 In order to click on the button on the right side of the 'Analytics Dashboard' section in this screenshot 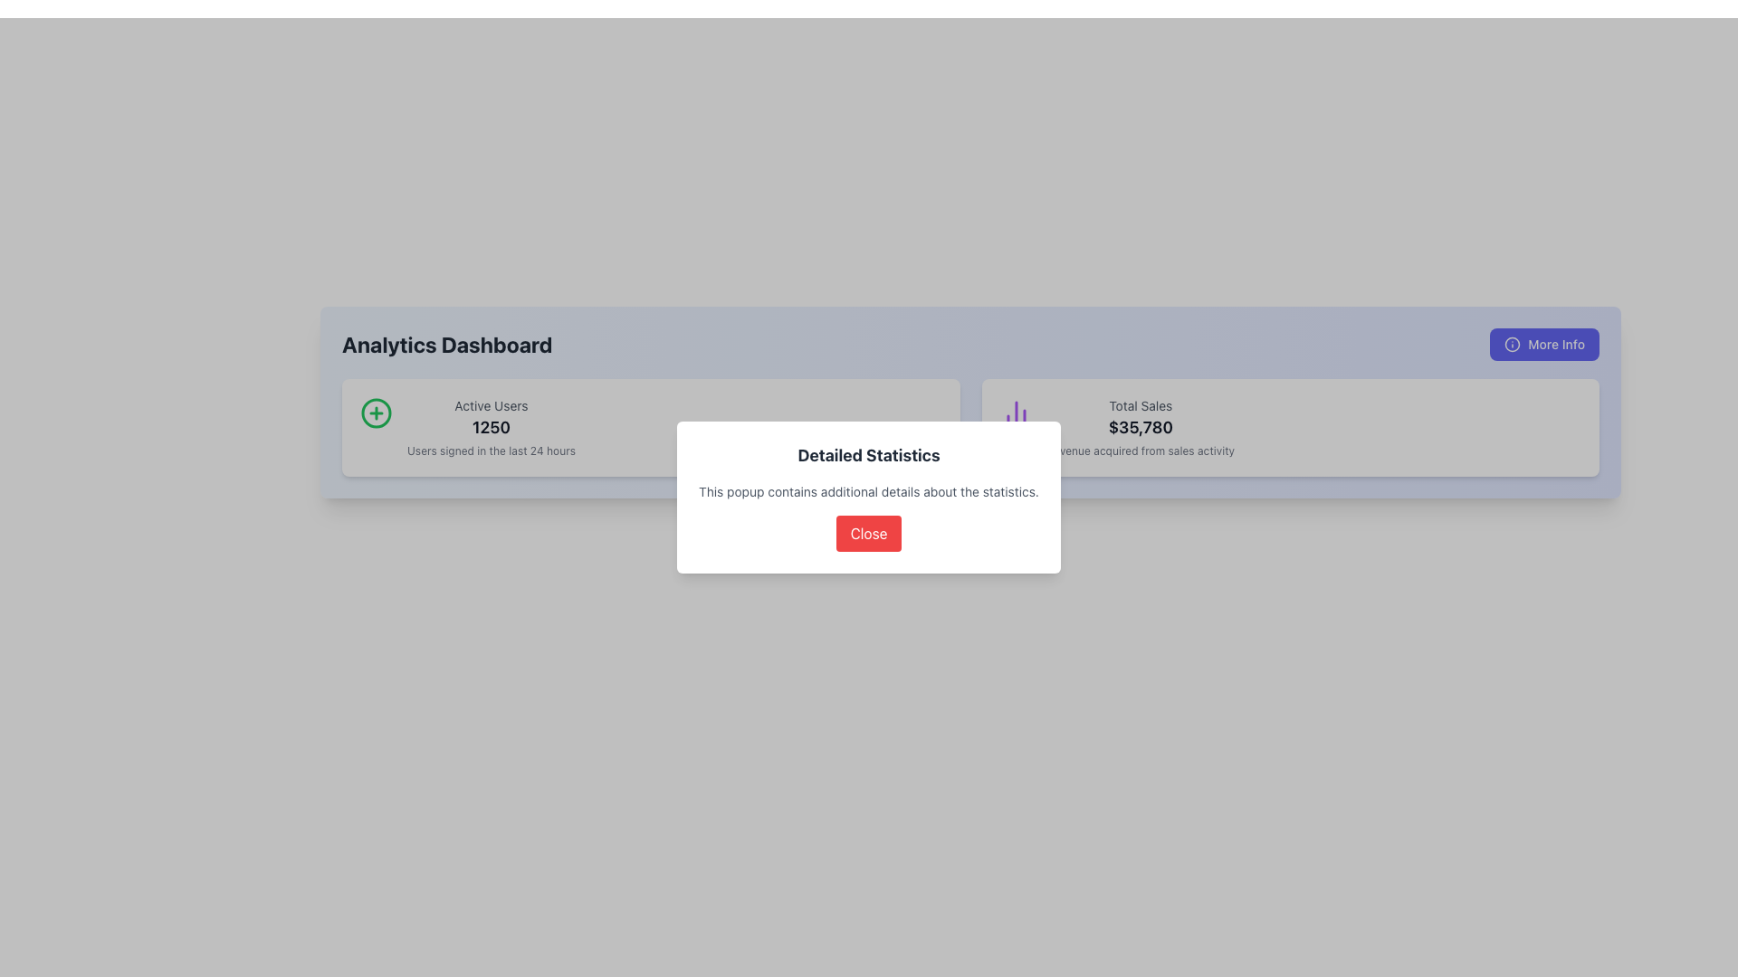, I will do `click(1543, 345)`.